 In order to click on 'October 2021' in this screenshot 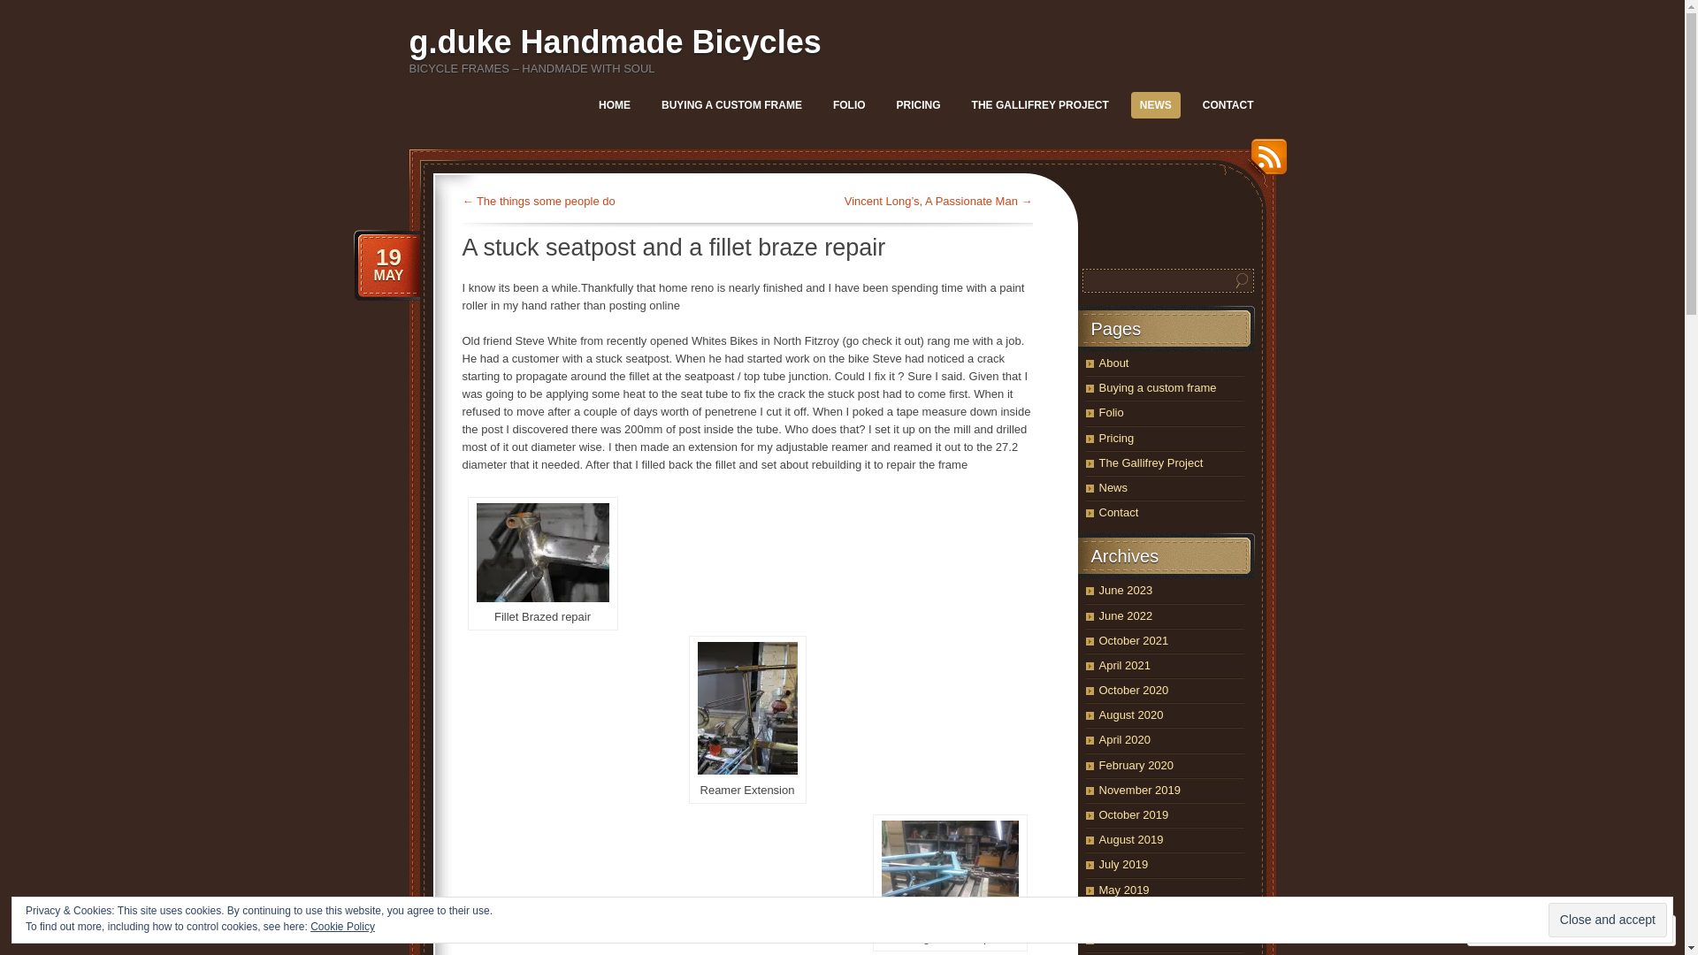, I will do `click(1133, 640)`.